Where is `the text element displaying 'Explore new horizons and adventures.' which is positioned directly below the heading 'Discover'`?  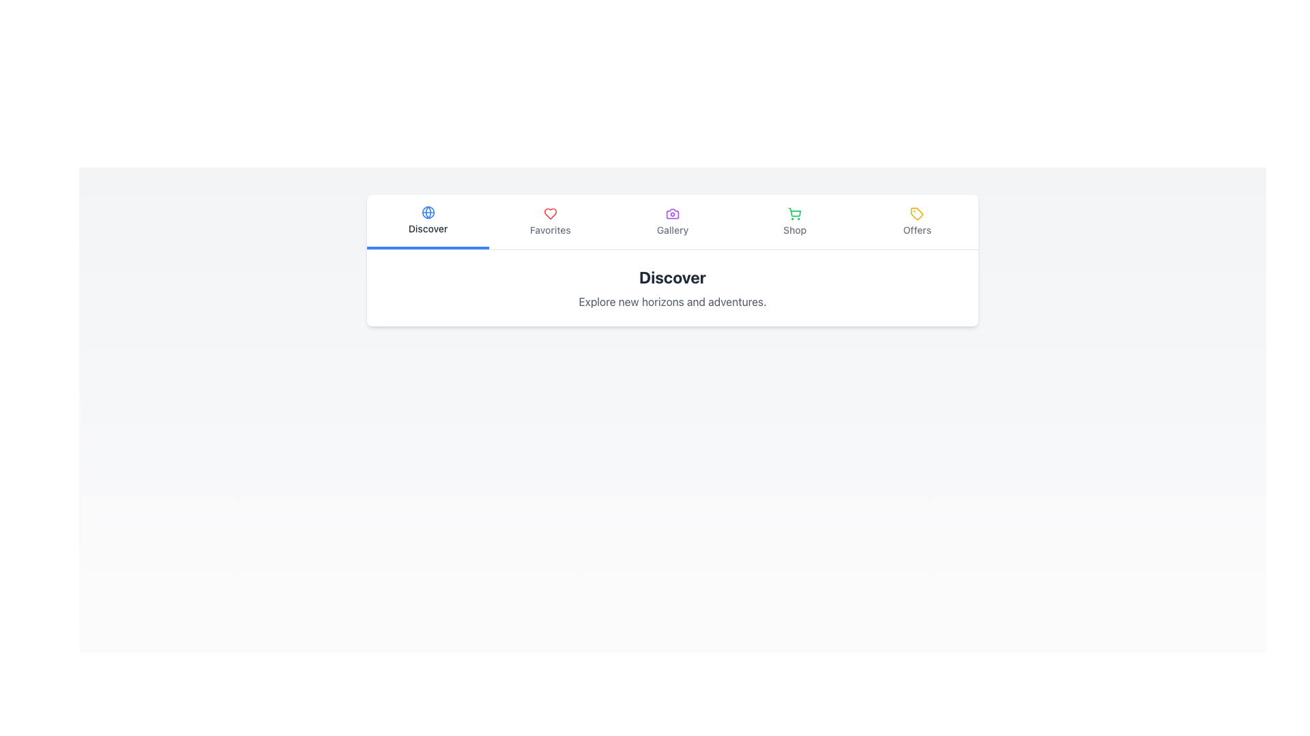
the text element displaying 'Explore new horizons and adventures.' which is positioned directly below the heading 'Discover' is located at coordinates (672, 301).